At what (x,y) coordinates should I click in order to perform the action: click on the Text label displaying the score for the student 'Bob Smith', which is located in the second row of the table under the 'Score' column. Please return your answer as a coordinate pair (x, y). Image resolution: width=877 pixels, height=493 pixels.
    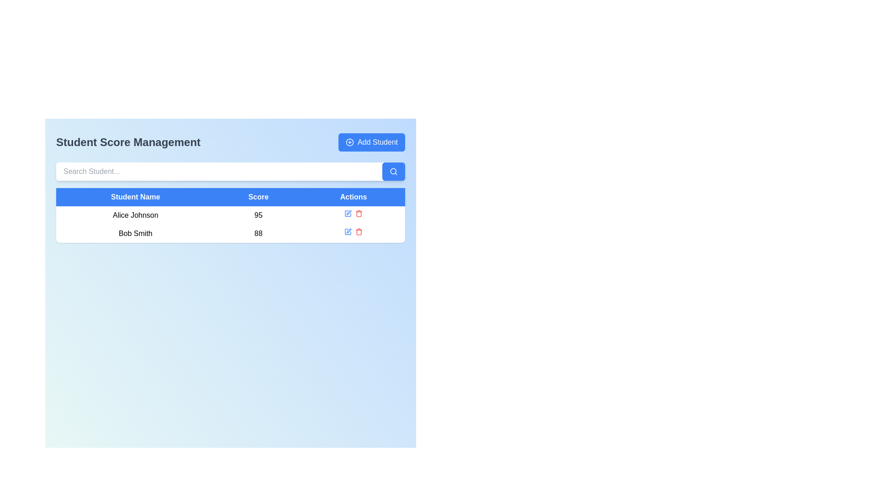
    Looking at the image, I should click on (258, 233).